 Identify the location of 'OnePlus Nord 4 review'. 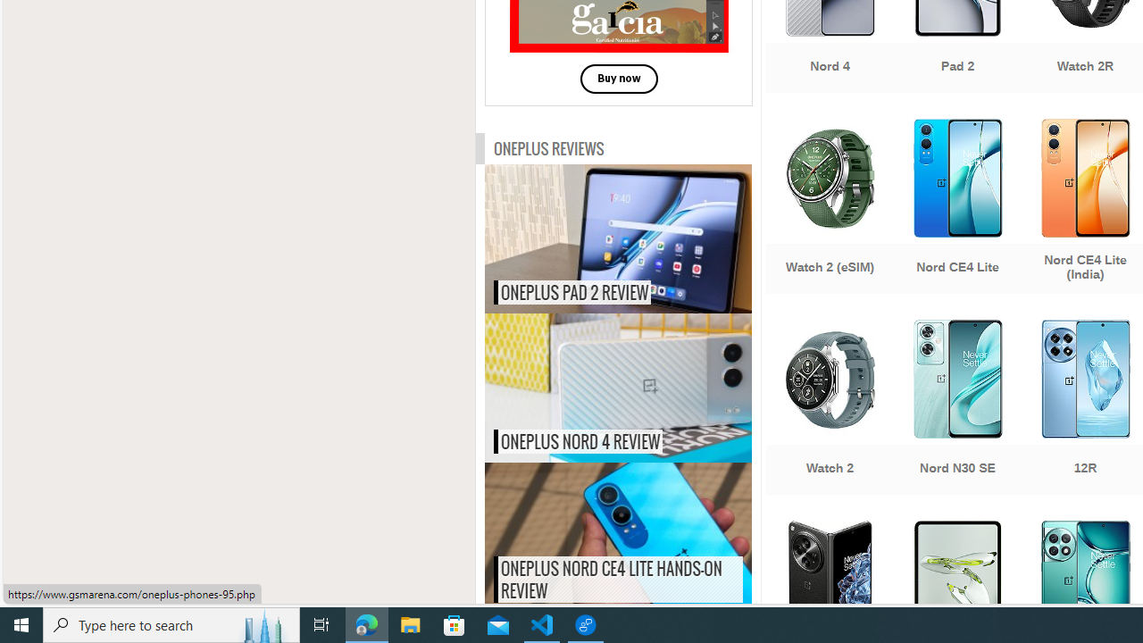
(655, 387).